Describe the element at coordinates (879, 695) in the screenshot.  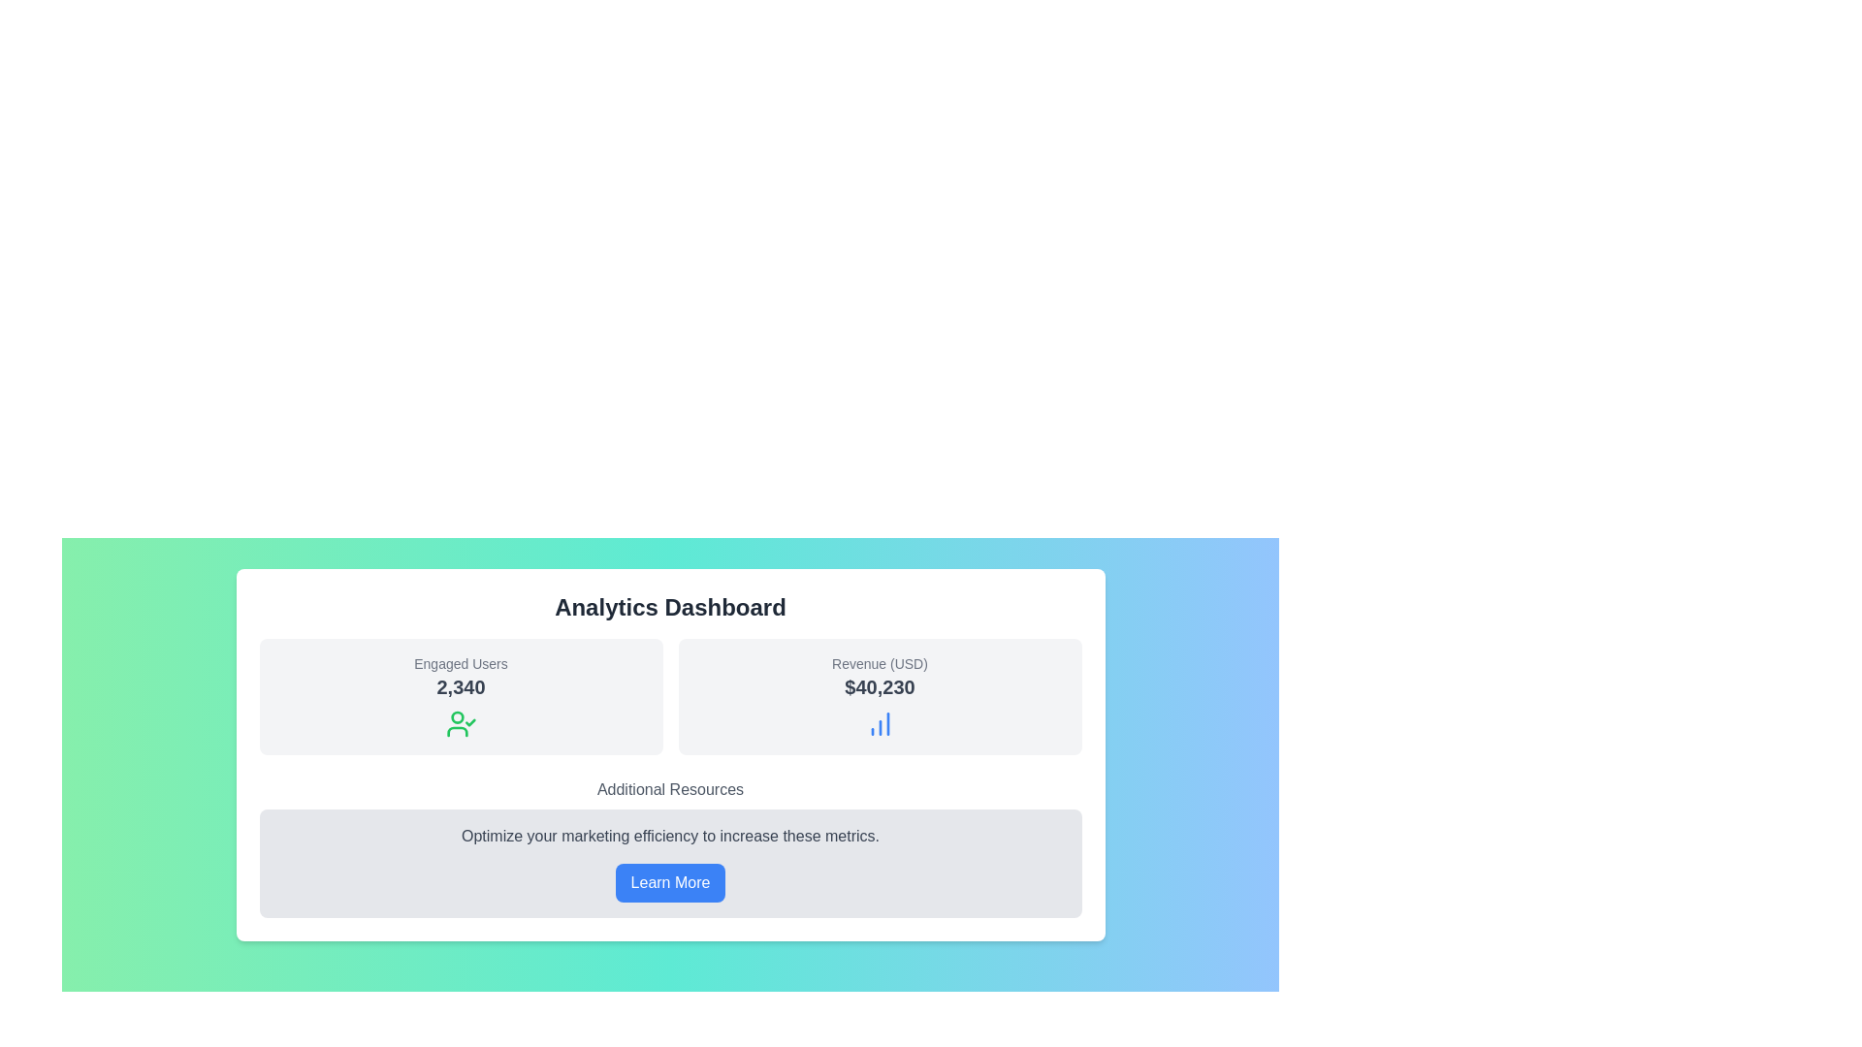
I see `the Informational card that visually represents revenue data, located to the right of the 'Engaged Users' card in the Analytics Dashboard` at that location.